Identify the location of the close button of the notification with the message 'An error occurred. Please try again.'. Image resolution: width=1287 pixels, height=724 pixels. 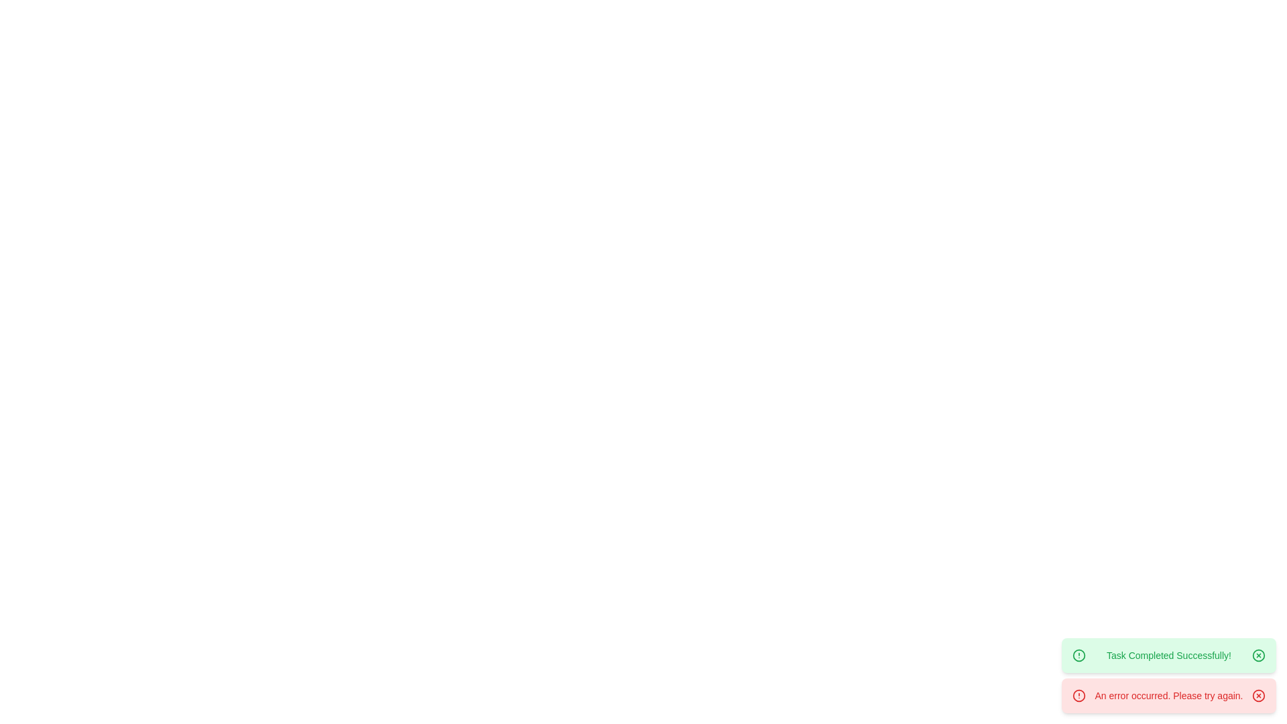
(1258, 695).